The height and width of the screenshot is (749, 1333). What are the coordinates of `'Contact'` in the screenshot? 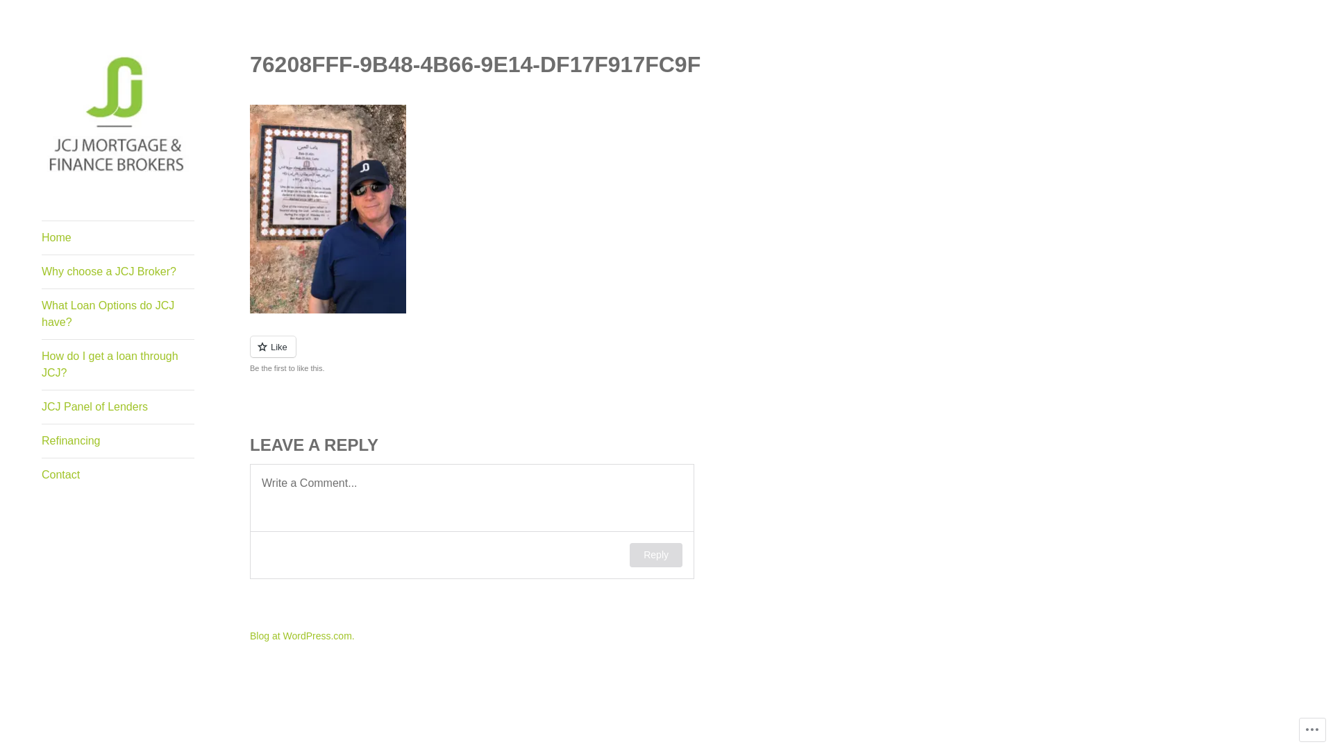 It's located at (117, 474).